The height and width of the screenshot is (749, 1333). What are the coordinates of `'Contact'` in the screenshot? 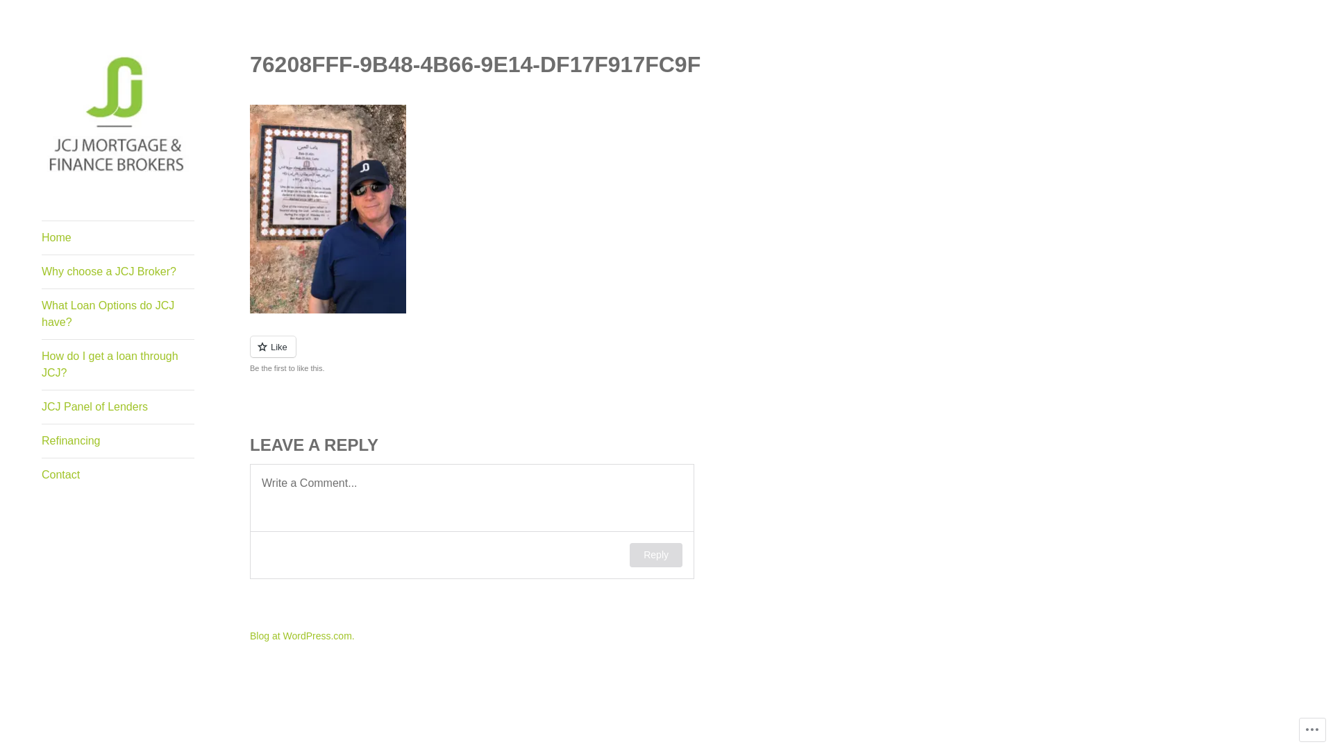 It's located at (117, 474).